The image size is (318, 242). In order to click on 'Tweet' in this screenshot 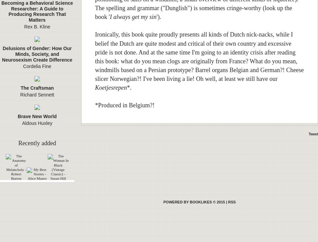, I will do `click(313, 134)`.